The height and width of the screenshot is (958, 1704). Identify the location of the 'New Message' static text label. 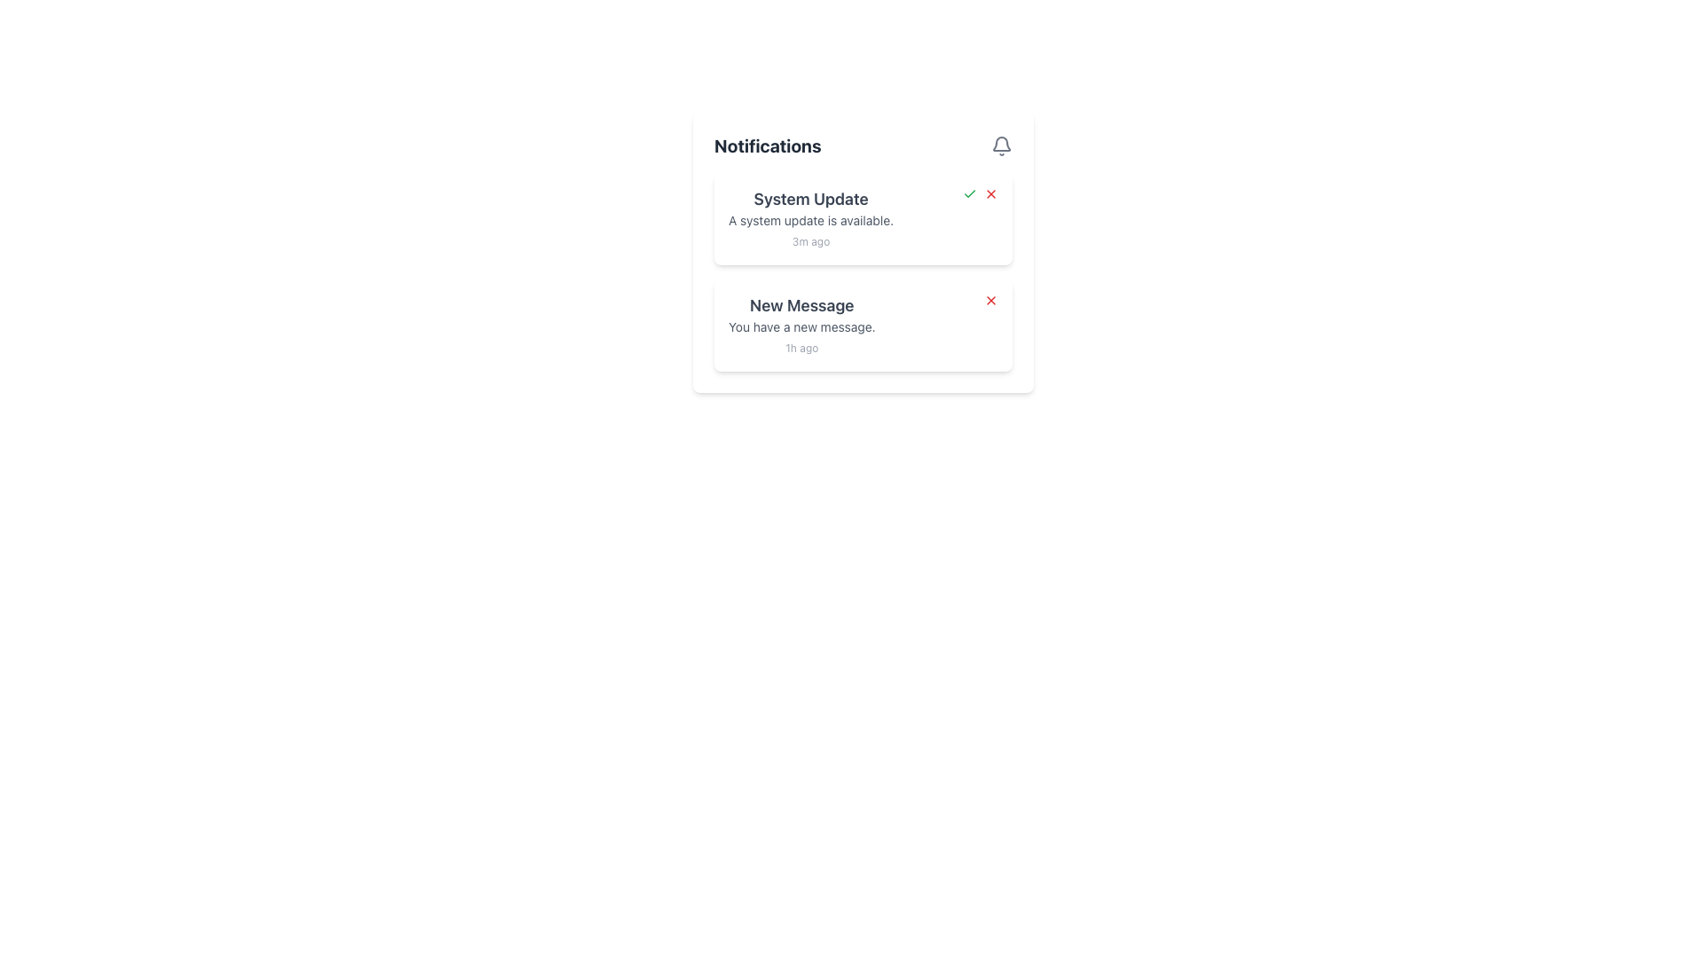
(801, 304).